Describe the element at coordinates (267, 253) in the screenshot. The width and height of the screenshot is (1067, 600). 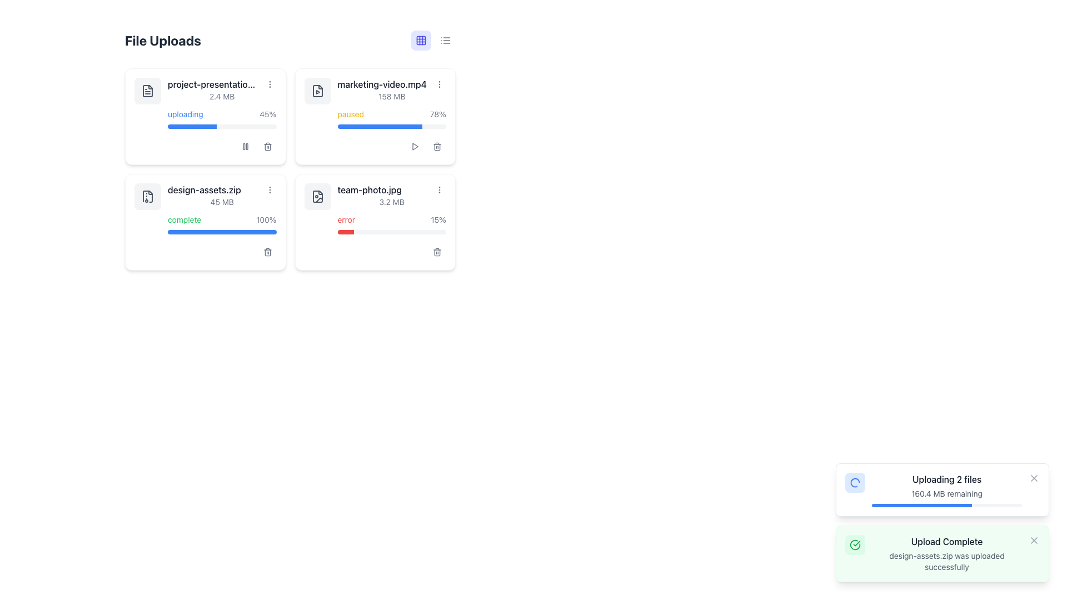
I see `the delete icon, which resembles a trash bin, located to the right of the progress bar and below the file name and status text in the file upload section` at that location.